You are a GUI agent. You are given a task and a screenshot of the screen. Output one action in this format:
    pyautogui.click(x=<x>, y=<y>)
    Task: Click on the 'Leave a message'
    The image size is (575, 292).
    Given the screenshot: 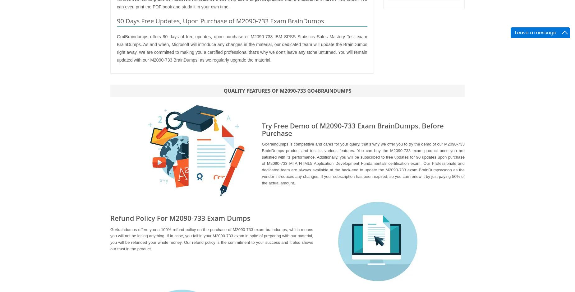 What is the action you would take?
    pyautogui.click(x=515, y=32)
    